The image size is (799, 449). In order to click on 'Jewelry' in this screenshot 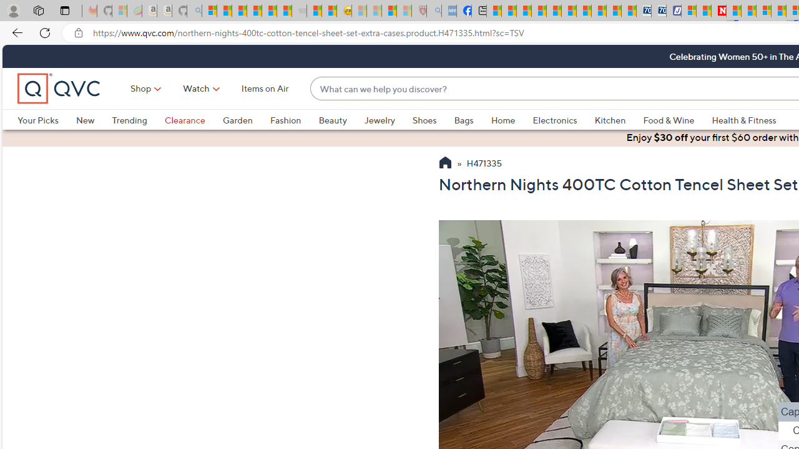, I will do `click(379, 120)`.